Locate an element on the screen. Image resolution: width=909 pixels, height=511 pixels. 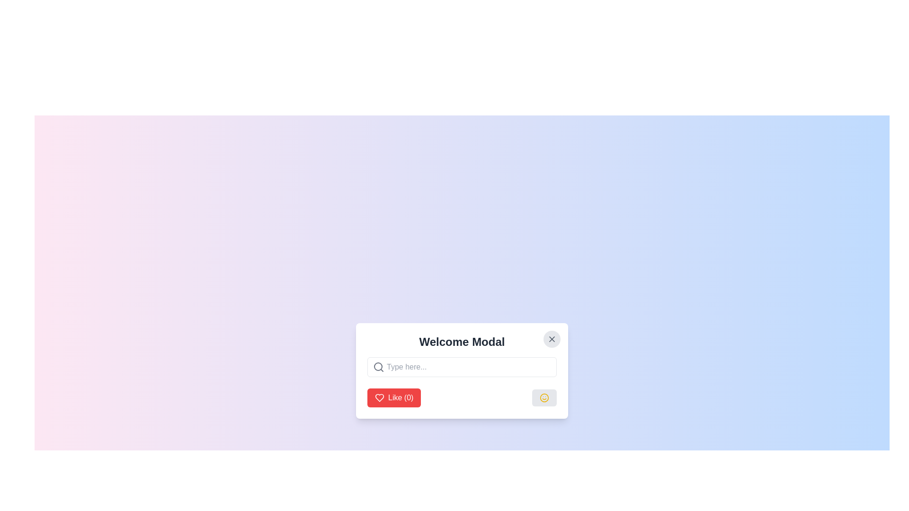
the heart icon in the 'Like (0)' button located at the bottom-left corner of the modal to interact with it is located at coordinates (379, 397).